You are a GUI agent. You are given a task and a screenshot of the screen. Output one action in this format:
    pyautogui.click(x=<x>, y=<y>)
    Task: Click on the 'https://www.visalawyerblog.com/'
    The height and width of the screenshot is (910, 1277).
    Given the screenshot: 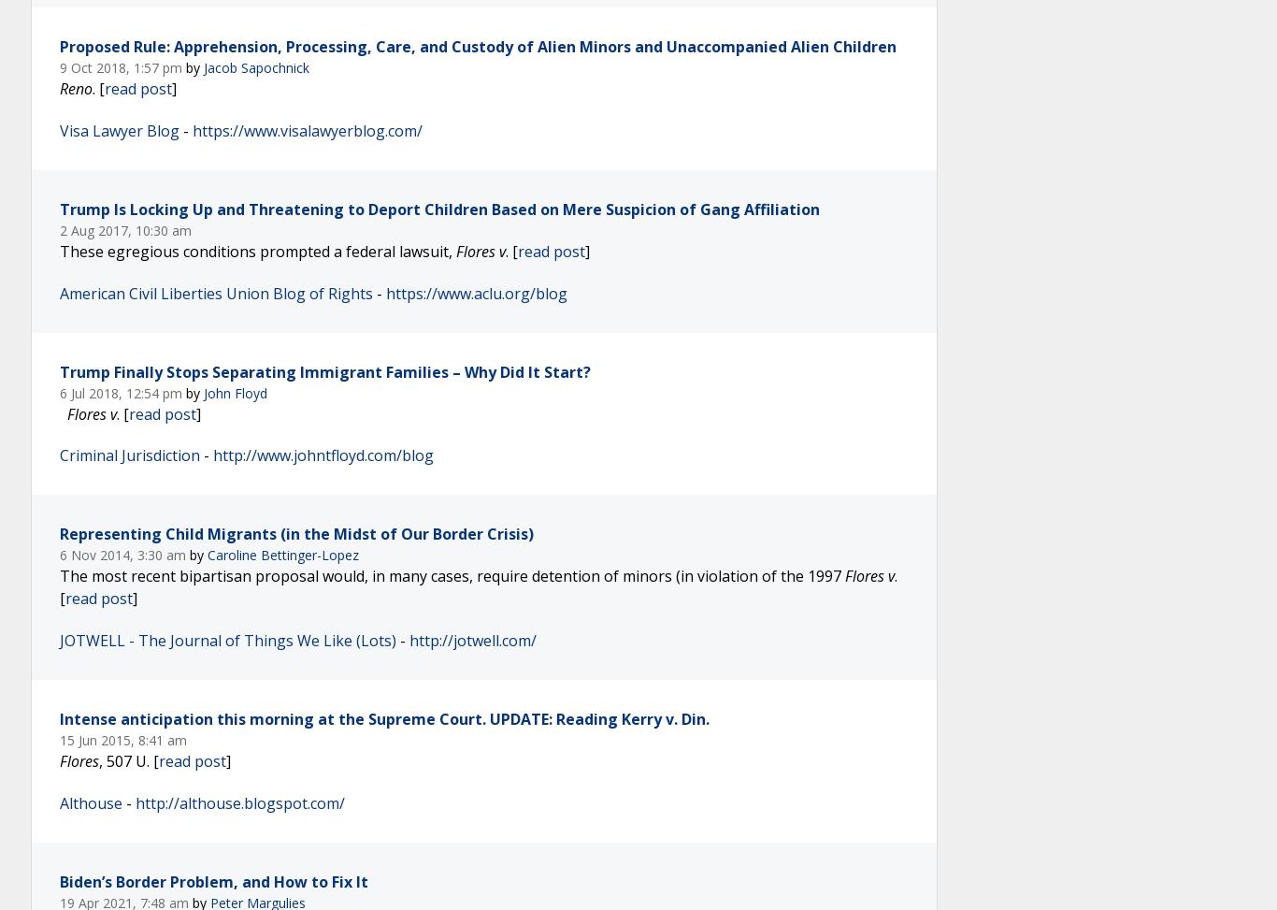 What is the action you would take?
    pyautogui.click(x=307, y=130)
    